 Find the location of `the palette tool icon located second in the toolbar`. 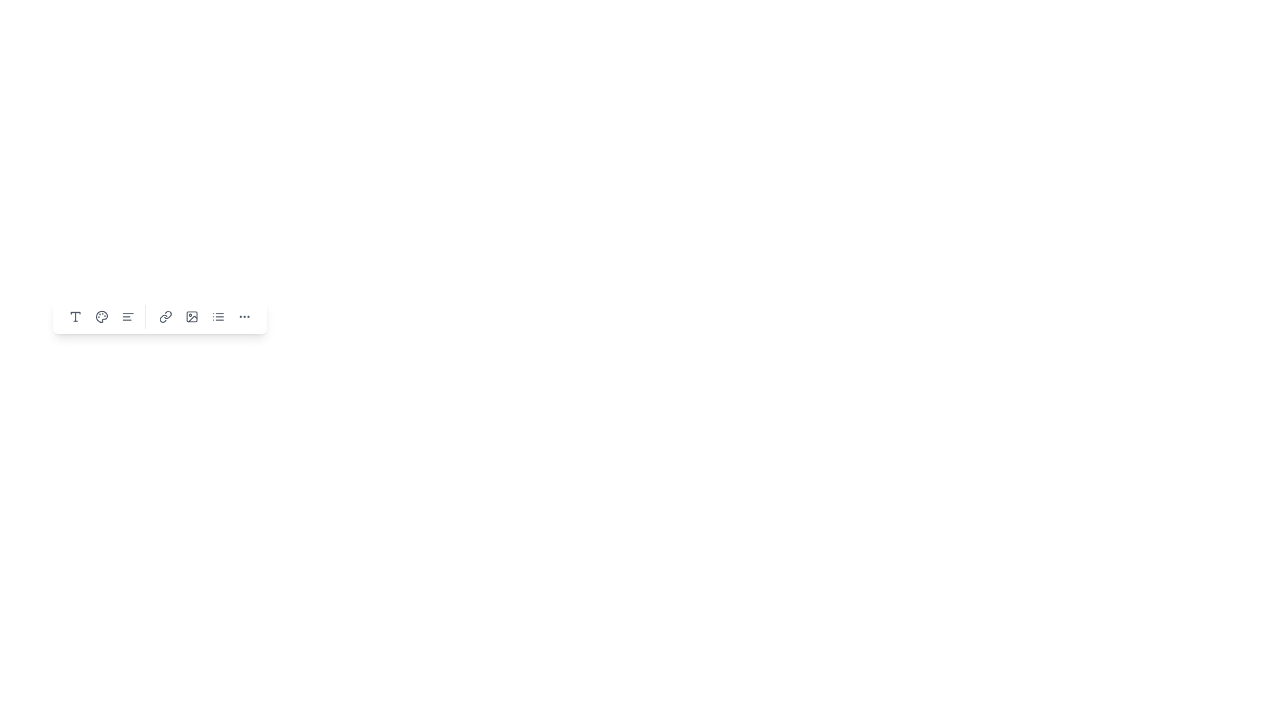

the palette tool icon located second in the toolbar is located at coordinates (101, 317).